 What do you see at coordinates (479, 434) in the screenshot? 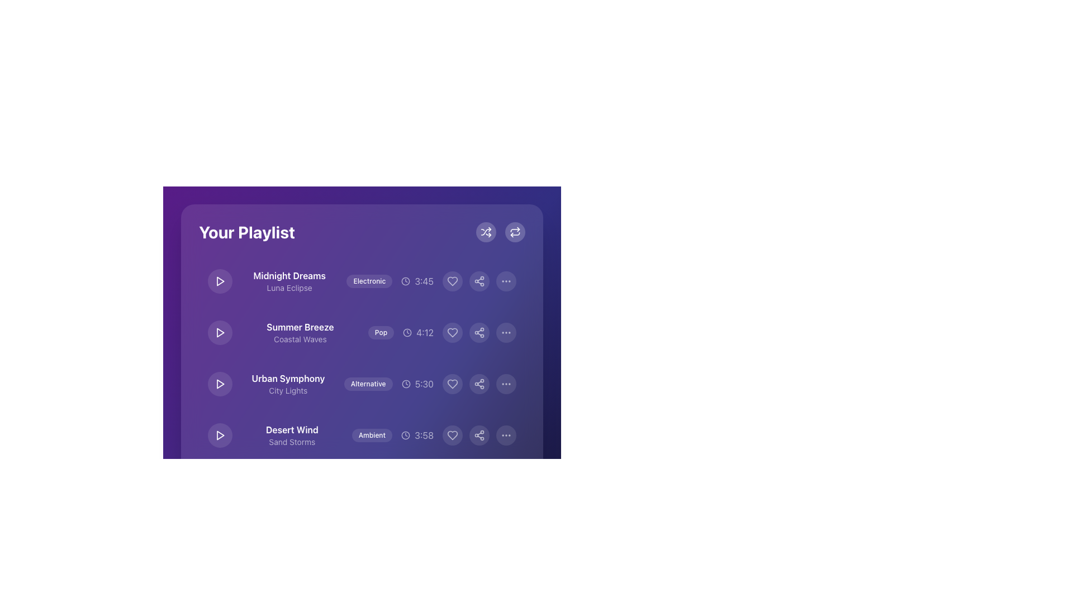
I see `the circular share icon button in the fourth row of the playlist interface` at bounding box center [479, 434].